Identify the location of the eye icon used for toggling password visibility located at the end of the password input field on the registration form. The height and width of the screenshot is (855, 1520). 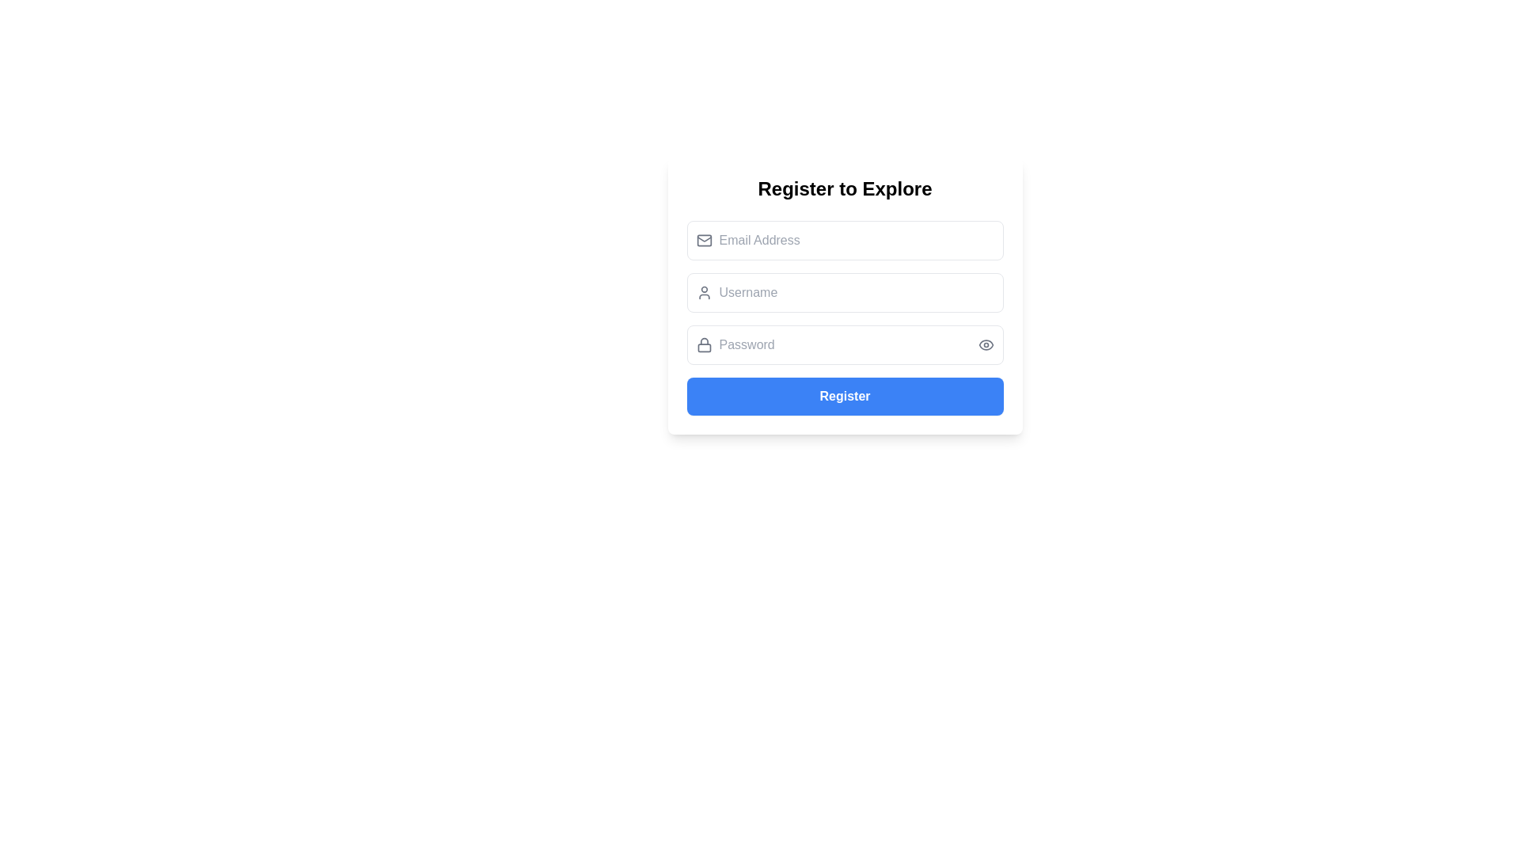
(985, 344).